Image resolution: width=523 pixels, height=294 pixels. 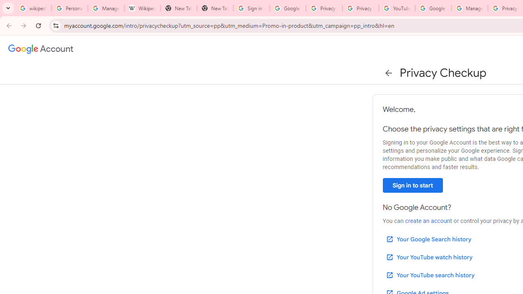 I want to click on 'Sign in to start', so click(x=412, y=185).